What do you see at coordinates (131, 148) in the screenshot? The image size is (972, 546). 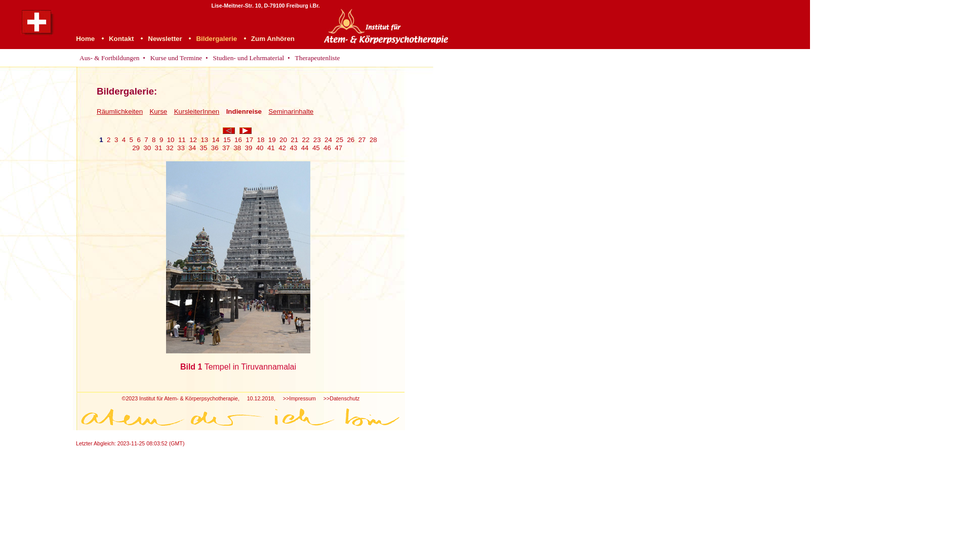 I see `'29'` at bounding box center [131, 148].